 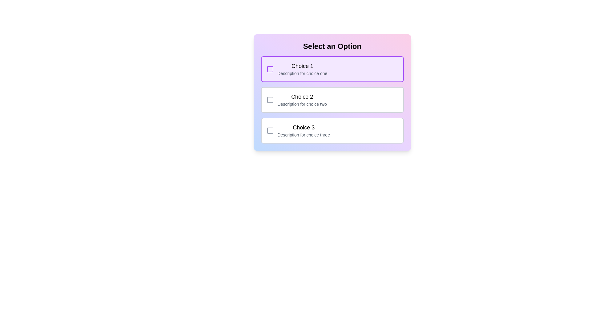 I want to click on the checkbox icon with a purple outline located to the left of the text 'Choice 1', so click(x=270, y=69).